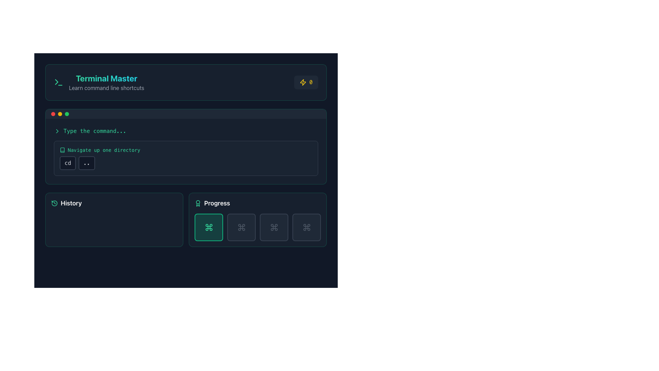 The width and height of the screenshot is (659, 371). Describe the element at coordinates (208, 227) in the screenshot. I see `the Icon representing progress-related commands located in the bottom-right of the interface layout within the 'Progress' panel` at that location.